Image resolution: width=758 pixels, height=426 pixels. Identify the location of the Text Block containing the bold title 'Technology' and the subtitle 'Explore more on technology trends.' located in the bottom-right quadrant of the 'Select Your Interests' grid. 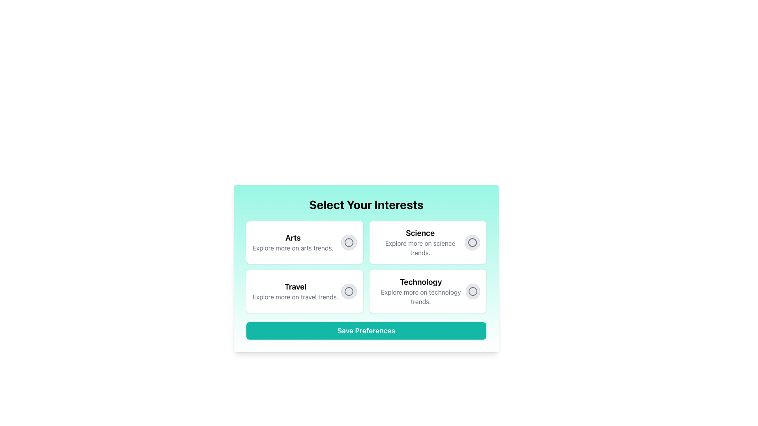
(420, 291).